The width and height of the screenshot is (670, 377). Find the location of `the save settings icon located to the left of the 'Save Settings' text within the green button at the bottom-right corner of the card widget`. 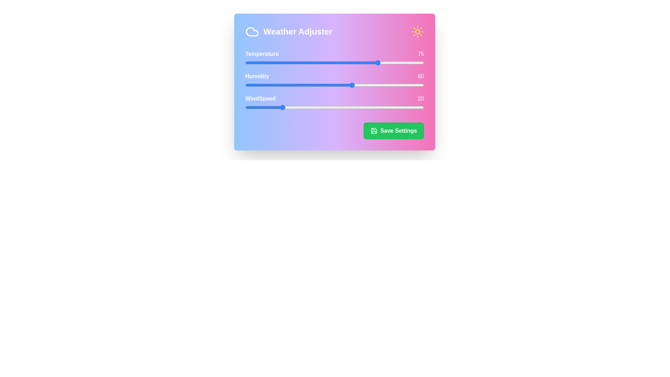

the save settings icon located to the left of the 'Save Settings' text within the green button at the bottom-right corner of the card widget is located at coordinates (374, 131).